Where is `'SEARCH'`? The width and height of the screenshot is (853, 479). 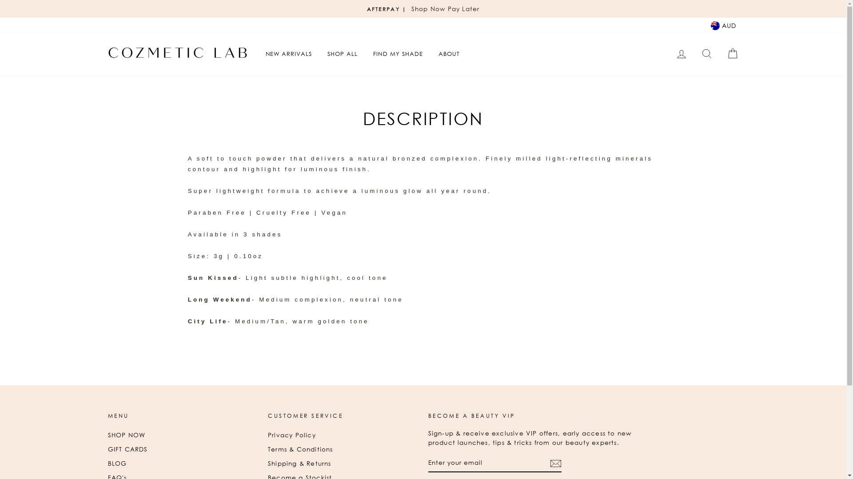
'SEARCH' is located at coordinates (706, 54).